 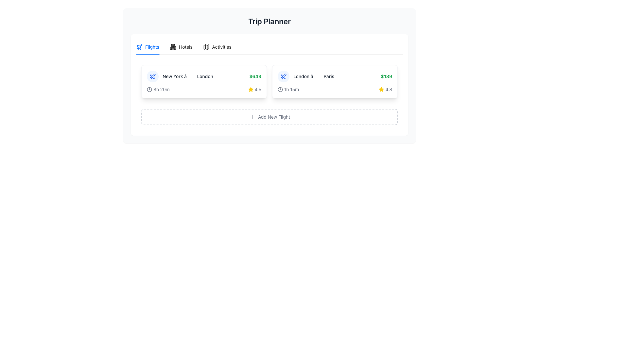 I want to click on the 'Flights' tab, which is the first tab in the horizontal tab group located near the top left of the main interface, so click(x=147, y=46).